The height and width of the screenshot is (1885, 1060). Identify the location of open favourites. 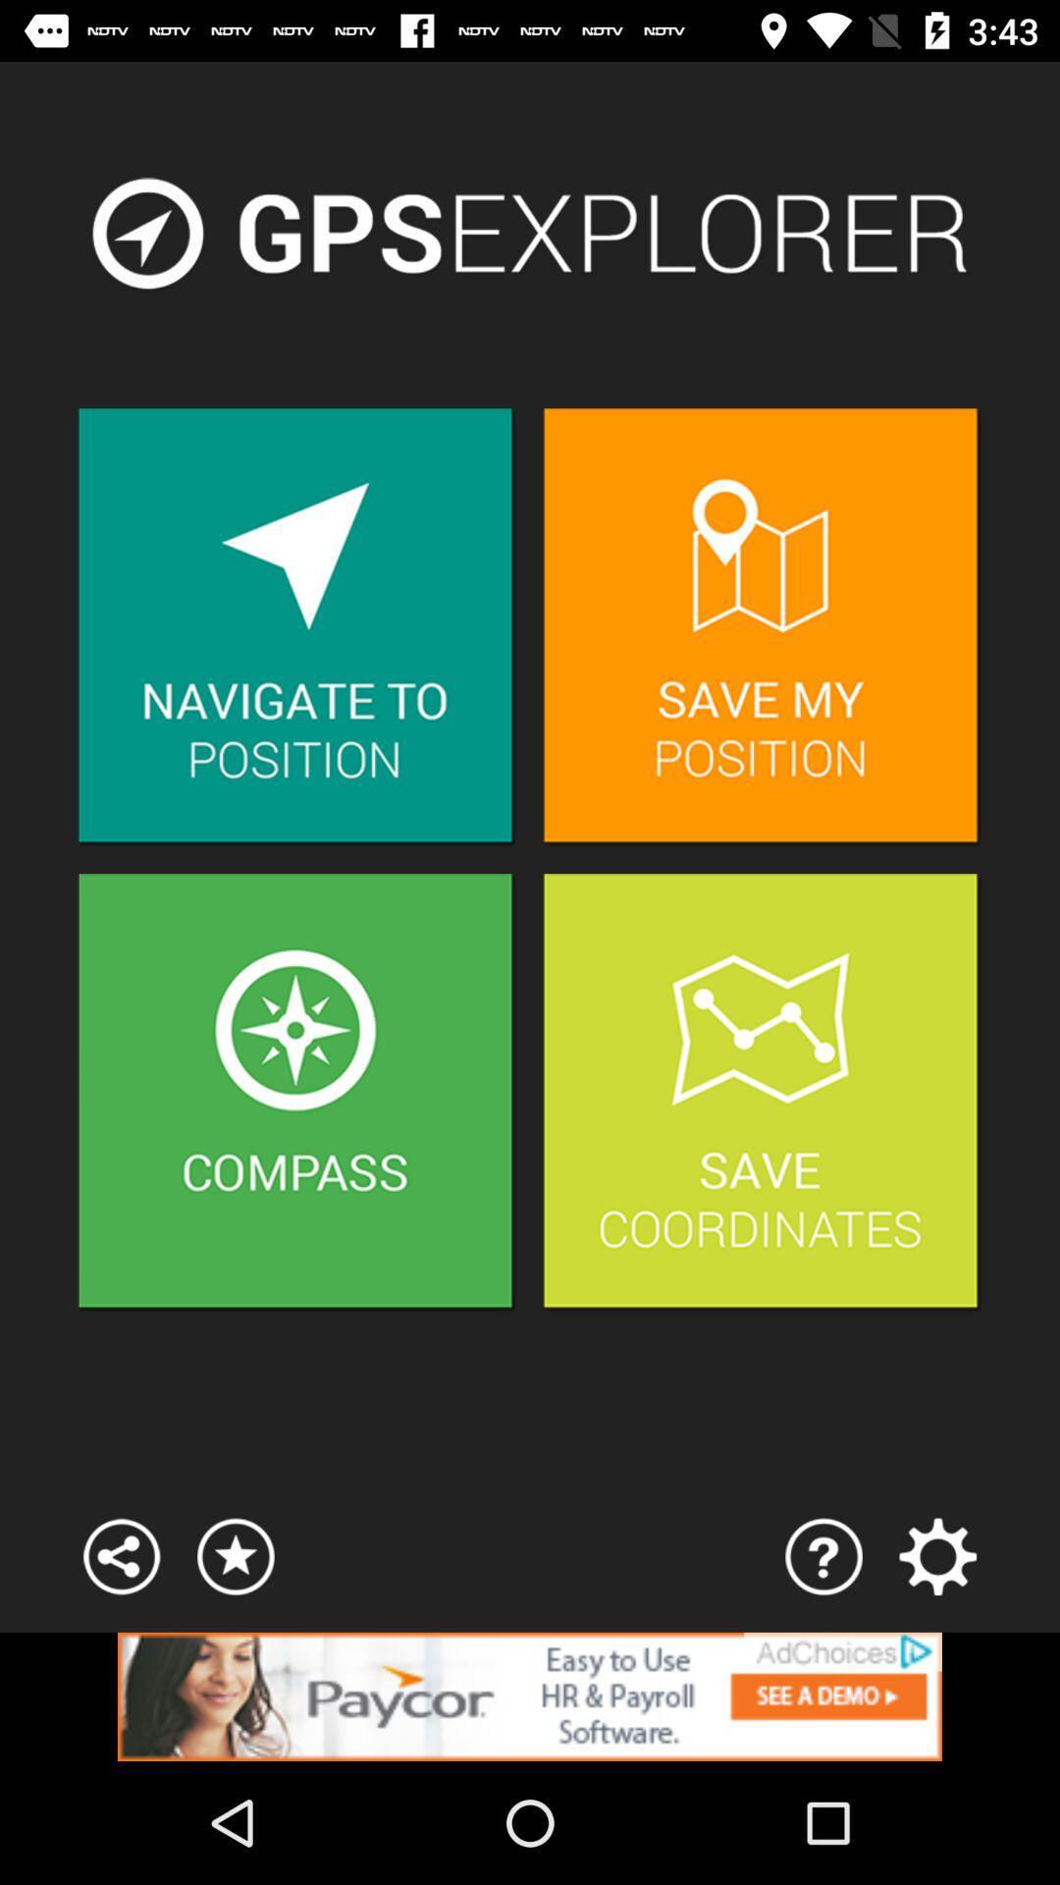
(235, 1555).